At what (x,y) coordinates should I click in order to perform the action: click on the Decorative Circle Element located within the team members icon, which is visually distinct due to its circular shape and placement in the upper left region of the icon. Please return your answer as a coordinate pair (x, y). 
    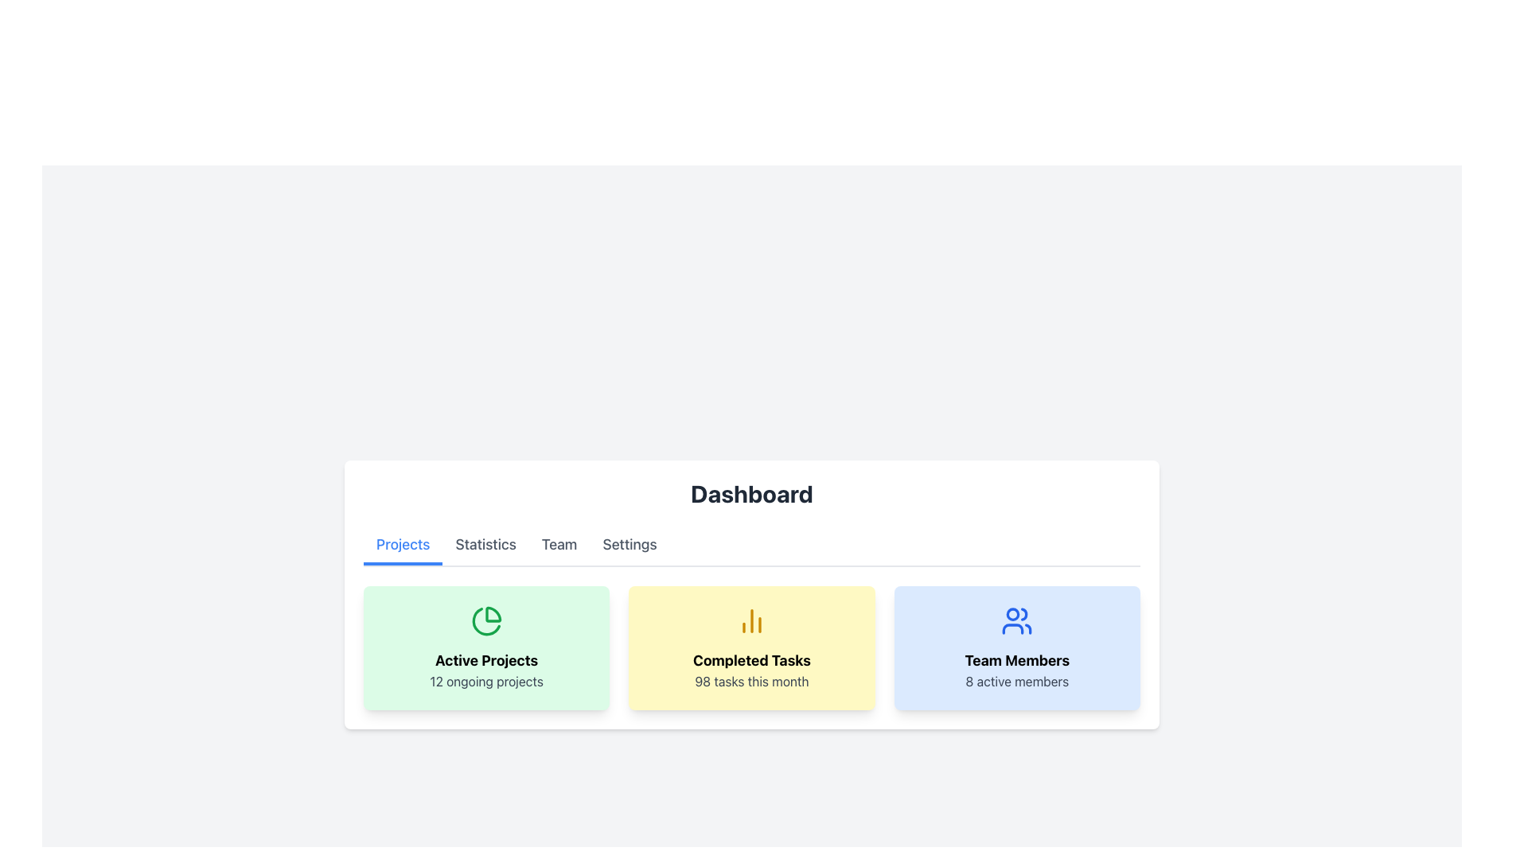
    Looking at the image, I should click on (1012, 613).